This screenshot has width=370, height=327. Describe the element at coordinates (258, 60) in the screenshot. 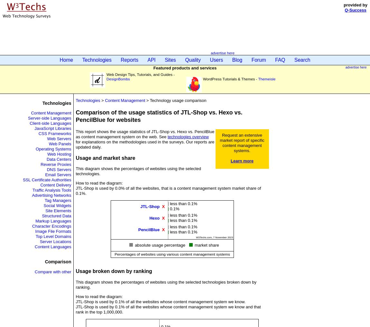

I see `'Forum'` at that location.